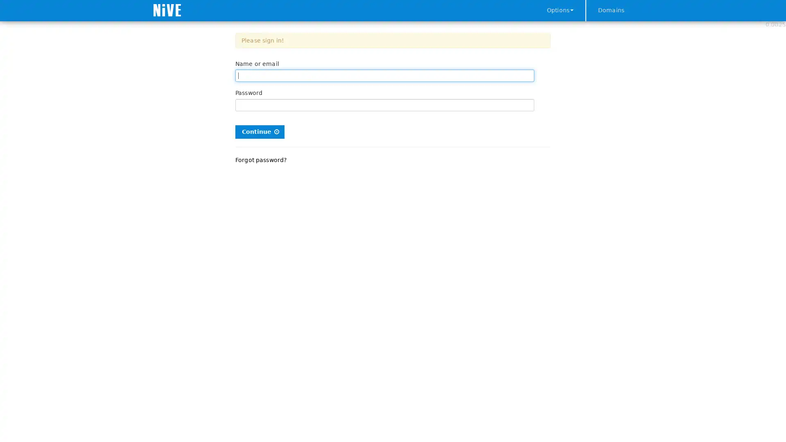 This screenshot has height=442, width=786. What do you see at coordinates (259, 131) in the screenshot?
I see `Continue` at bounding box center [259, 131].